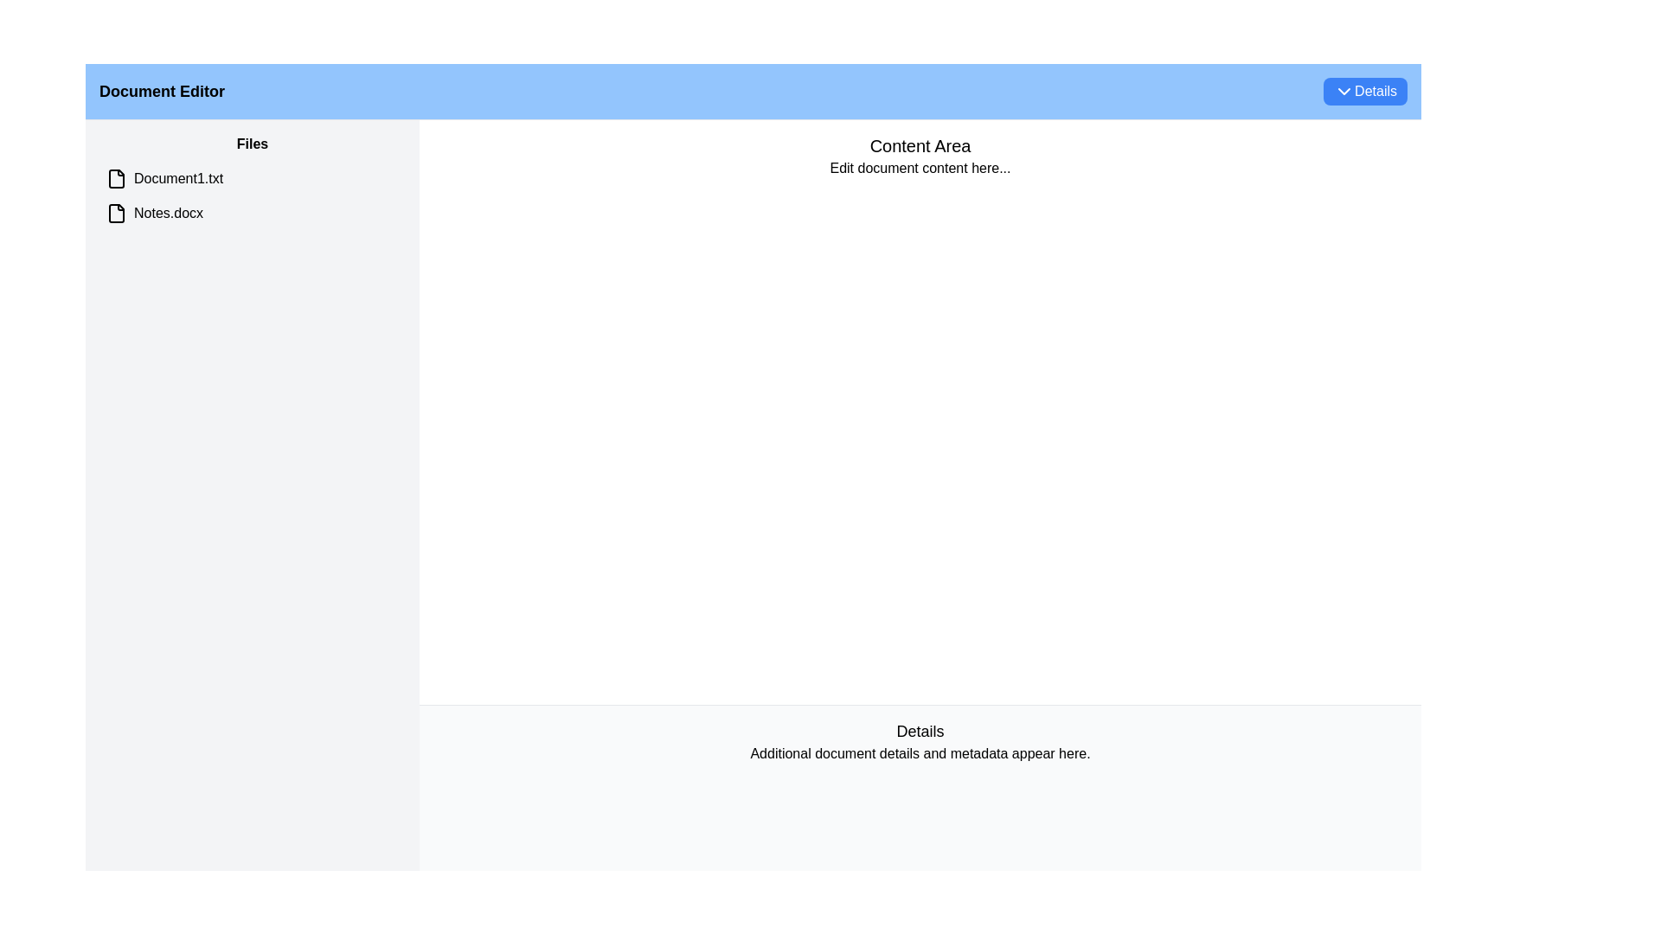  What do you see at coordinates (252, 212) in the screenshot?
I see `the 'Notes.docx' list item in the Files section` at bounding box center [252, 212].